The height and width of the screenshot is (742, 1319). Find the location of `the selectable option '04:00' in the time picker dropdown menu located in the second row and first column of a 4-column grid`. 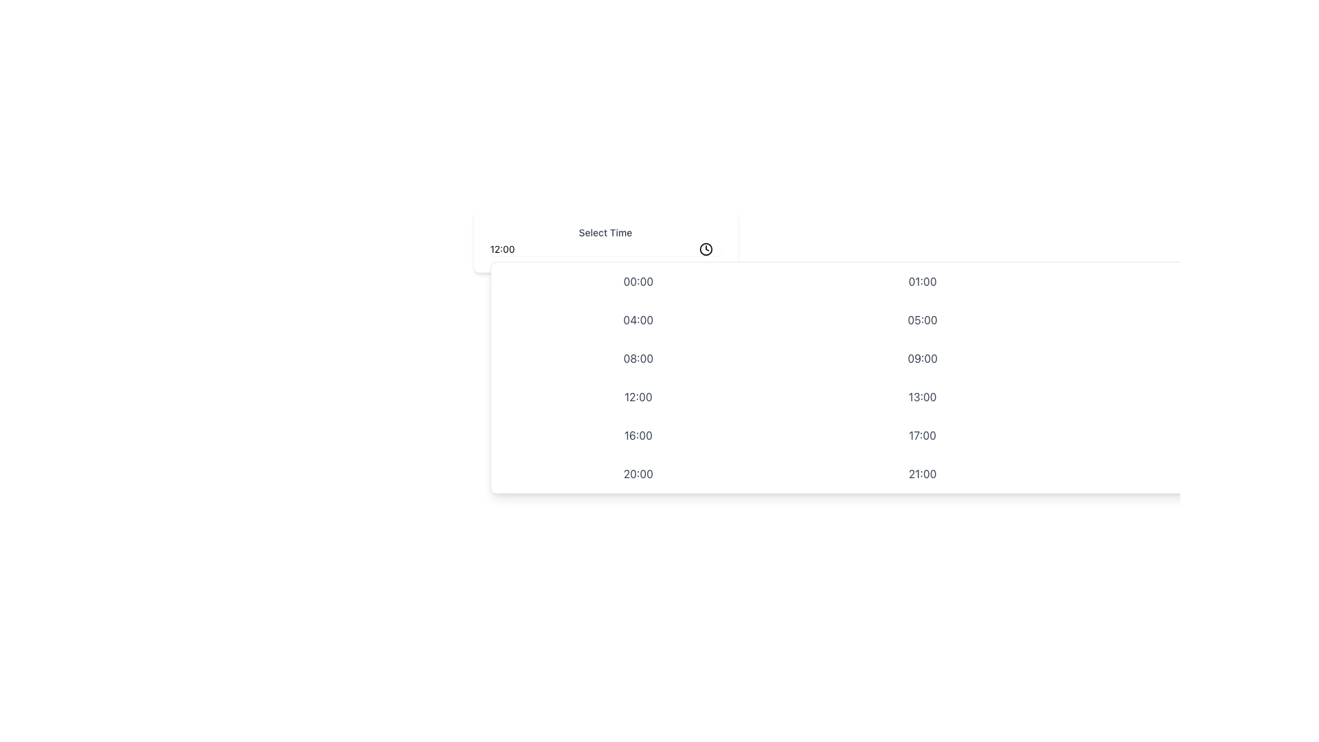

the selectable option '04:00' in the time picker dropdown menu located in the second row and first column of a 4-column grid is located at coordinates (638, 320).